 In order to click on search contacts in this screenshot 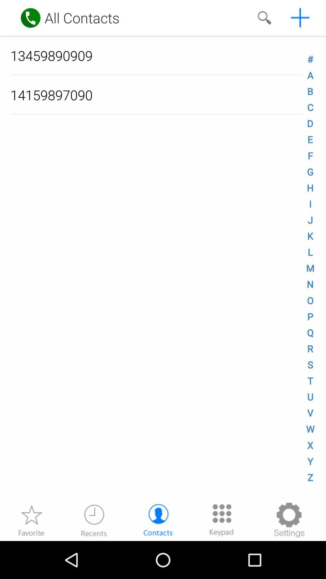, I will do `click(264, 18)`.